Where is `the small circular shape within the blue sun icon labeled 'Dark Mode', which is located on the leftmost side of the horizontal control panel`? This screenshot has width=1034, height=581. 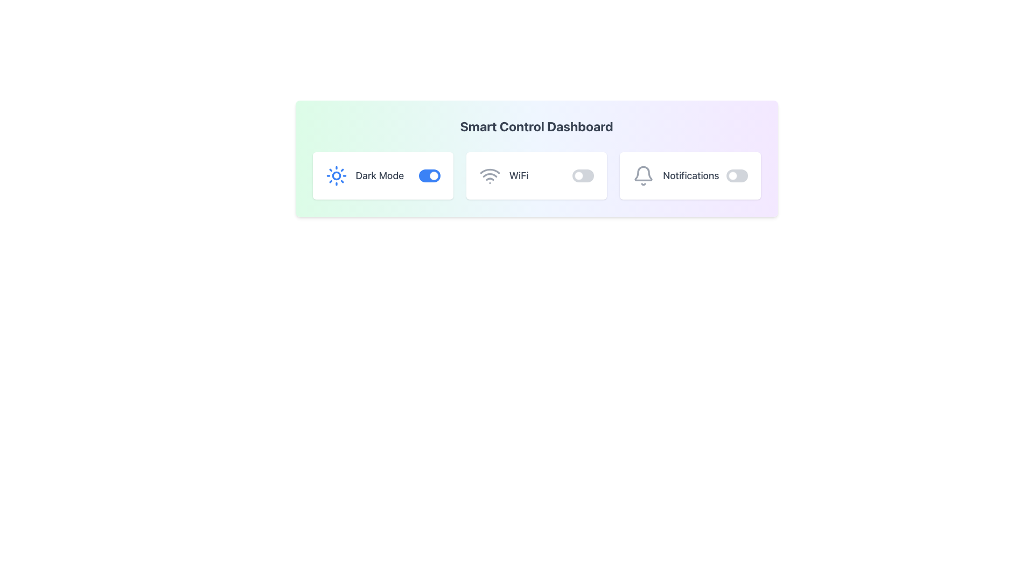 the small circular shape within the blue sun icon labeled 'Dark Mode', which is located on the leftmost side of the horizontal control panel is located at coordinates (336, 175).